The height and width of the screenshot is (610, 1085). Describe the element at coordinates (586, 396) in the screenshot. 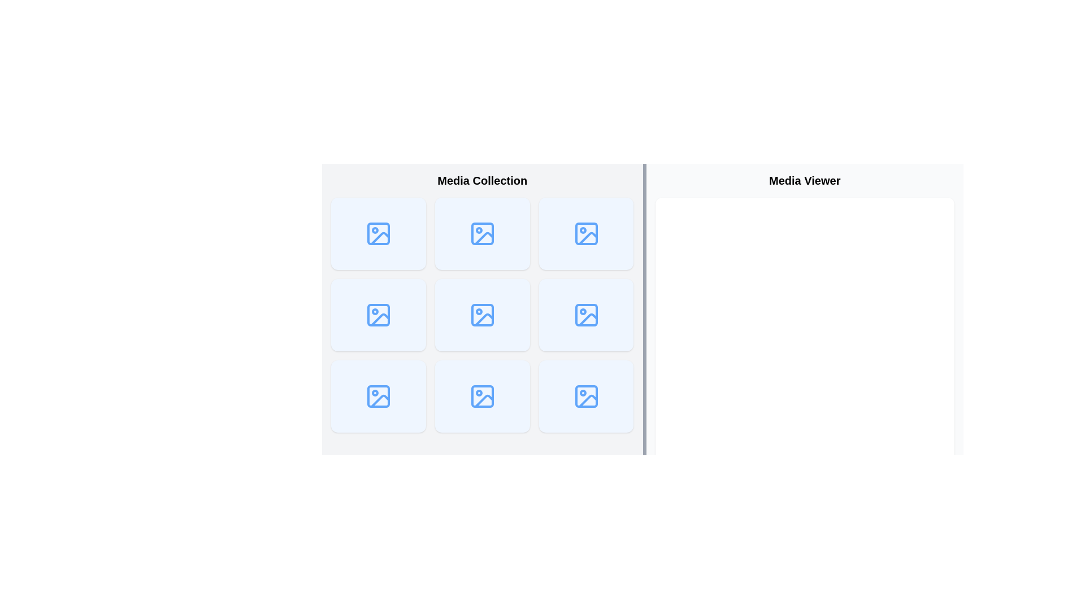

I see `the image placeholder icon with a blue outline located in the bottom-right cell of the 'Media Collection' section` at that location.